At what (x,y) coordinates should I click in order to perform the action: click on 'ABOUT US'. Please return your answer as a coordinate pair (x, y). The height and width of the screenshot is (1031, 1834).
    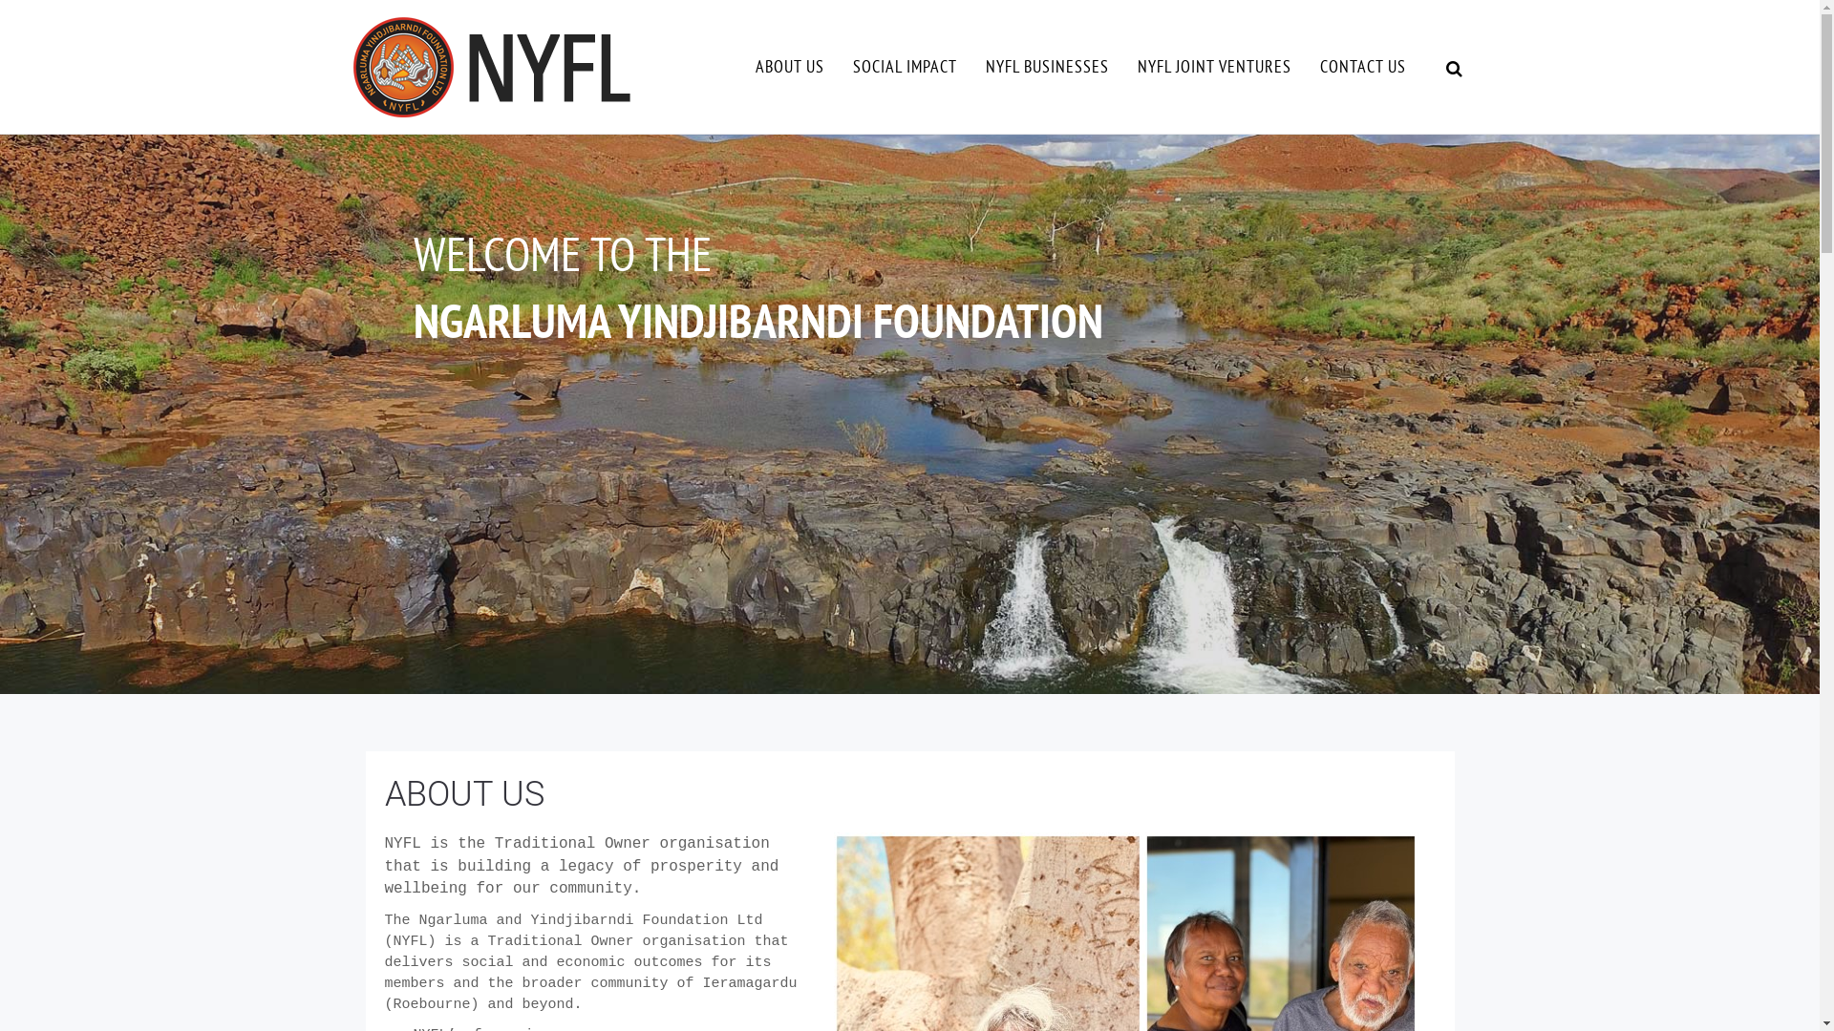
    Looking at the image, I should click on (789, 65).